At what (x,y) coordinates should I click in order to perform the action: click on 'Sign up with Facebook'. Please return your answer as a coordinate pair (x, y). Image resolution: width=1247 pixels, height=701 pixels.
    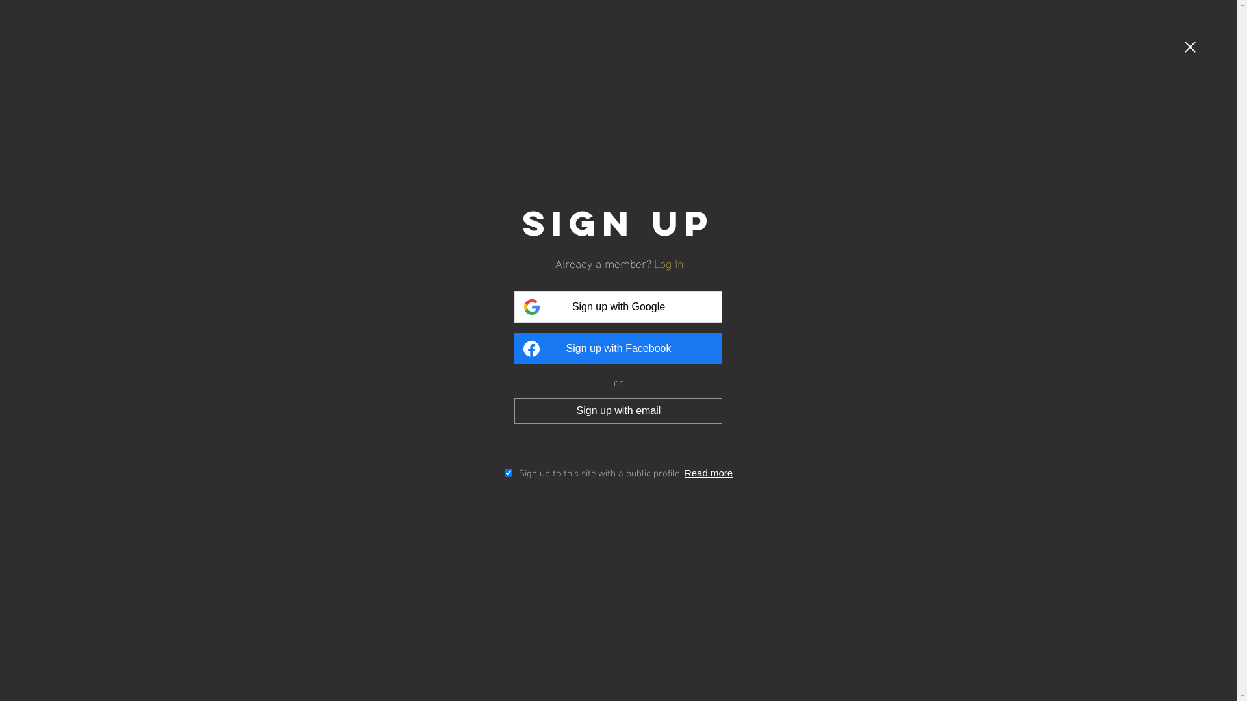
    Looking at the image, I should click on (617, 347).